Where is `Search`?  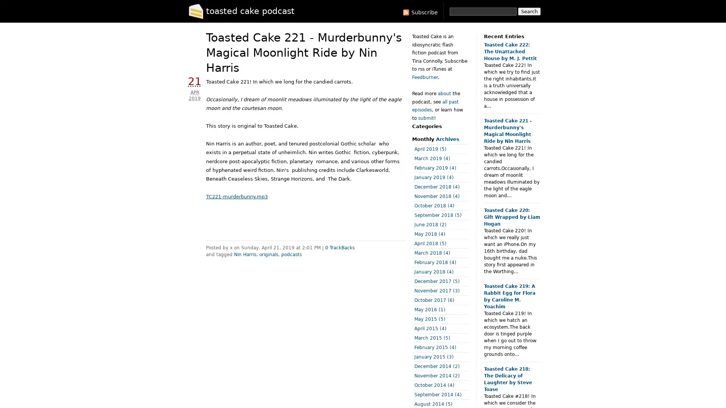 Search is located at coordinates (529, 11).